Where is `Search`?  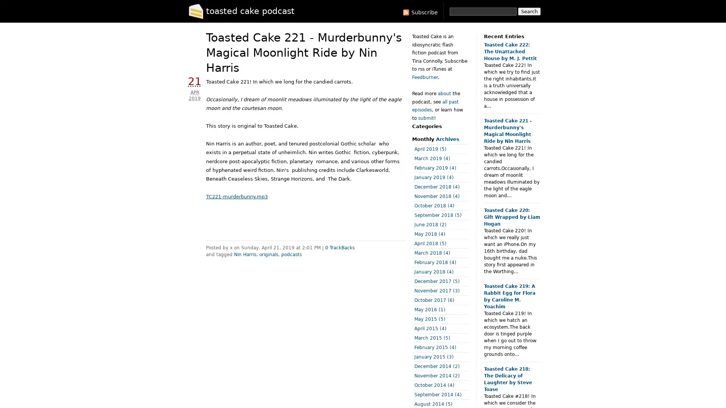 Search is located at coordinates (529, 11).